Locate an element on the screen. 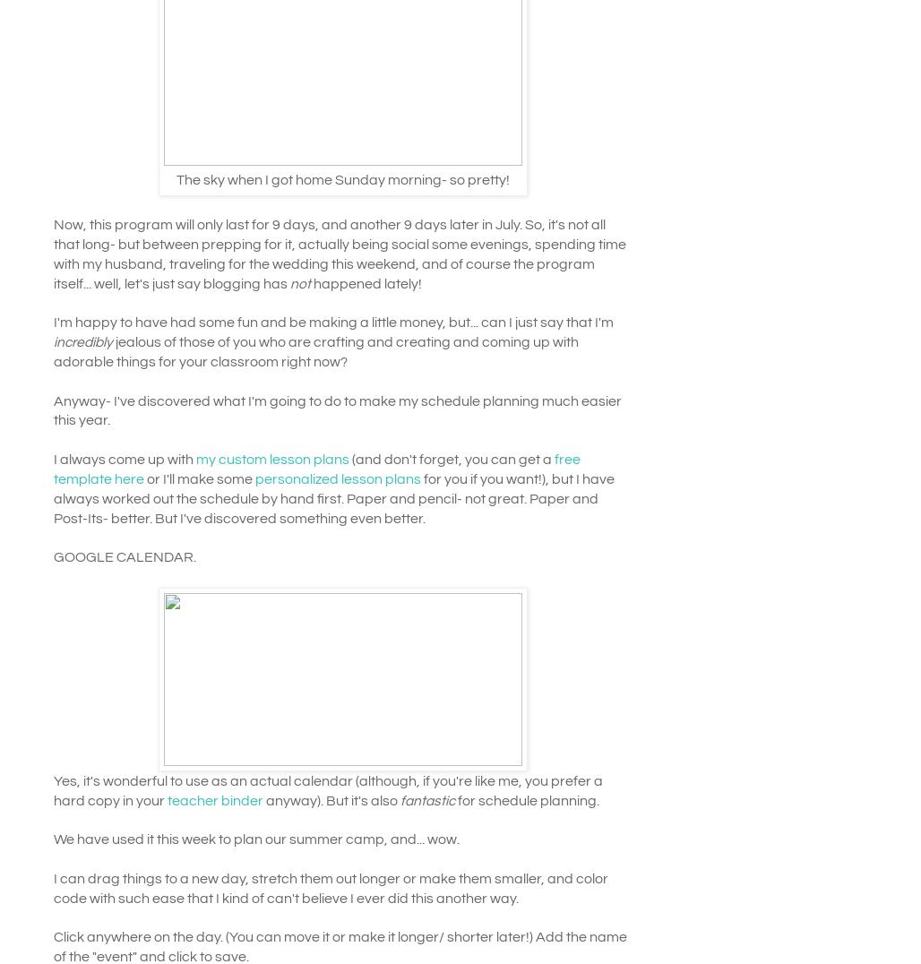  'We have used it this week to plan our summer camp, and... wow.' is located at coordinates (54, 838).